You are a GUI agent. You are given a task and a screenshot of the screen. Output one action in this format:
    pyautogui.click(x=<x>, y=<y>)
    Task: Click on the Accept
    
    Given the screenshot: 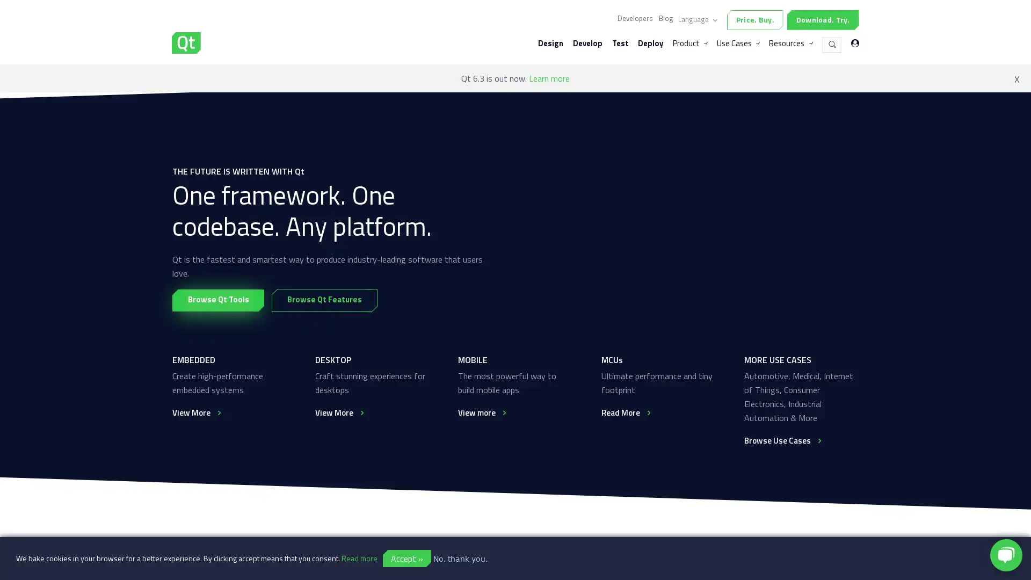 What is the action you would take?
    pyautogui.click(x=406, y=558)
    